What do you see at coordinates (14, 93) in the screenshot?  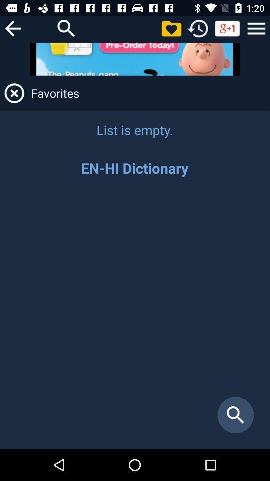 I see `it` at bounding box center [14, 93].